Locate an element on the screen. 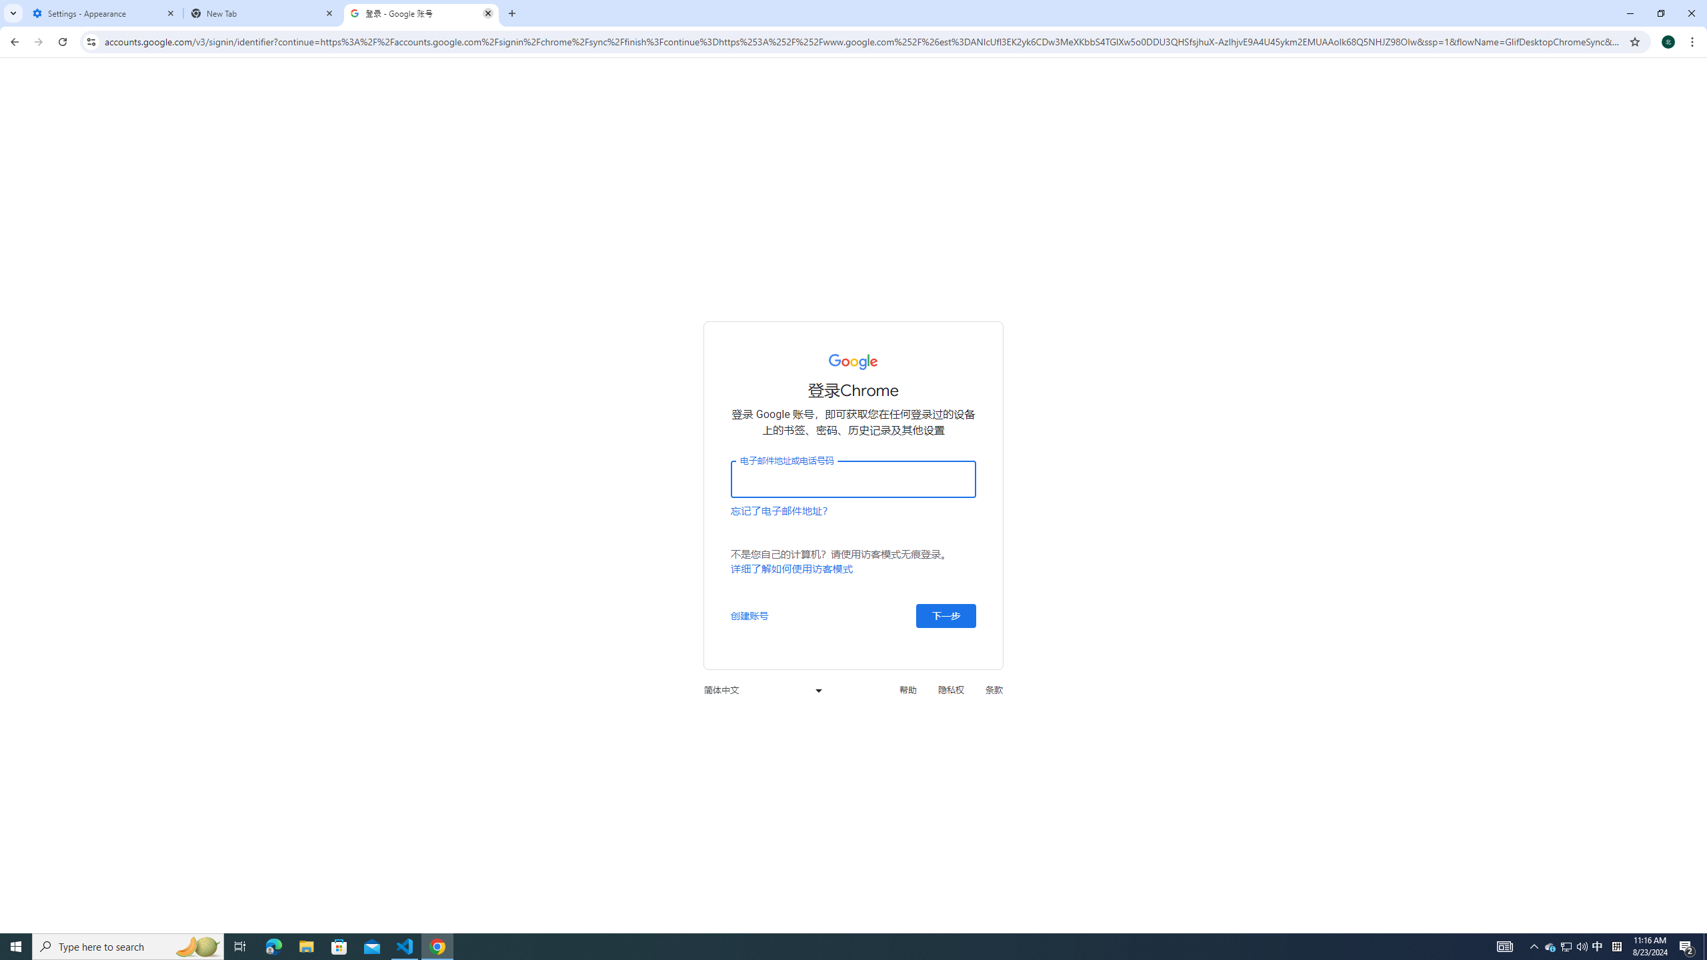 This screenshot has width=1707, height=960. 'New Tab' is located at coordinates (263, 13).